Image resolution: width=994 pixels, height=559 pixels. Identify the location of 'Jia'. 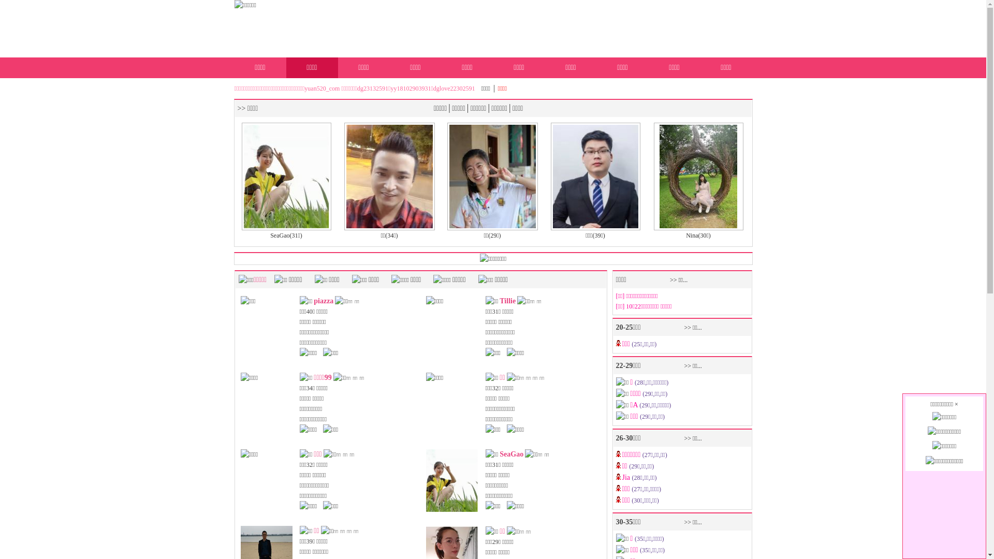
(626, 477).